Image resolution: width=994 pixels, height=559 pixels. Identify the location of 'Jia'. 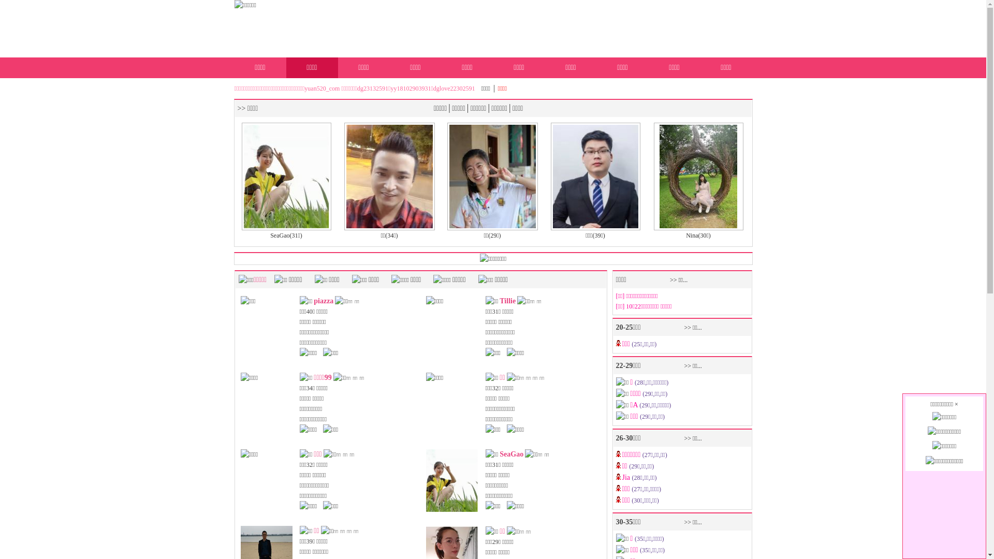
(626, 477).